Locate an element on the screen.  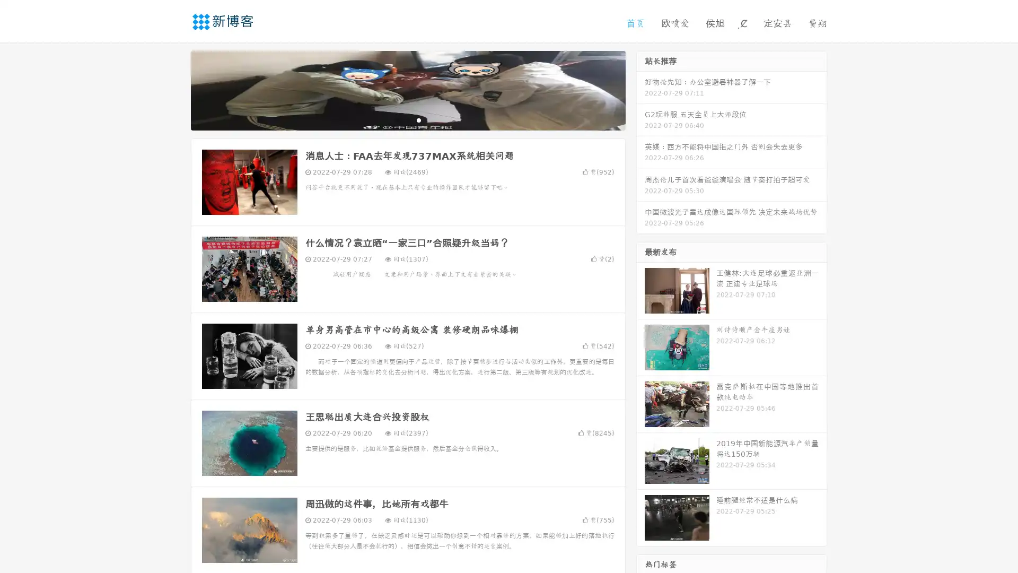
Go to slide 3 is located at coordinates (418, 119).